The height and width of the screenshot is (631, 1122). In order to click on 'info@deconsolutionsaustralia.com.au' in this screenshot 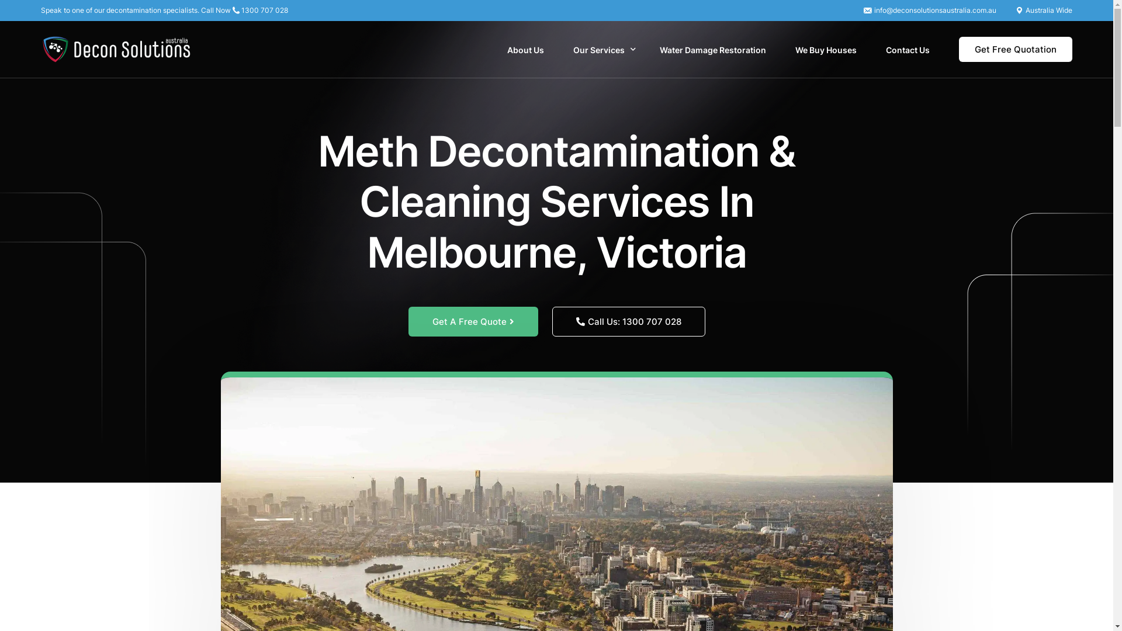, I will do `click(935, 11)`.